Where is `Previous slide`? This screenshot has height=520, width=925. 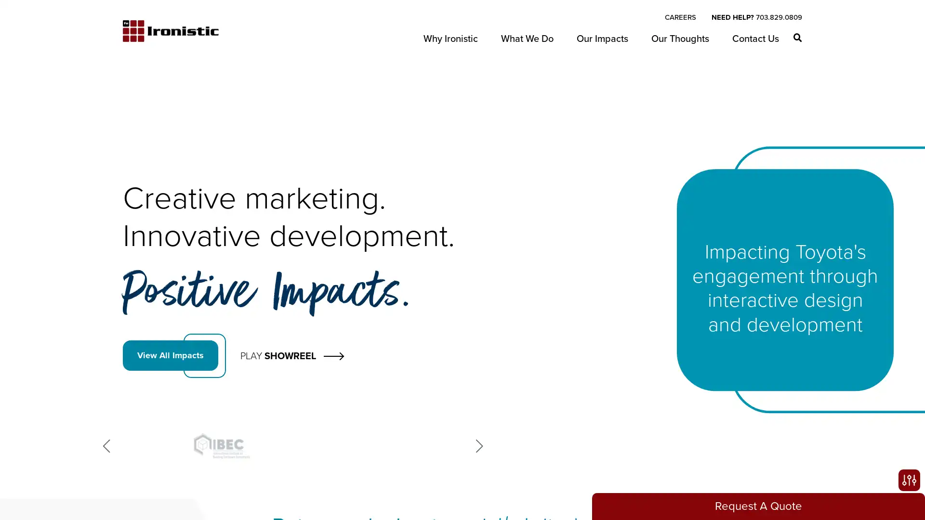 Previous slide is located at coordinates (106, 445).